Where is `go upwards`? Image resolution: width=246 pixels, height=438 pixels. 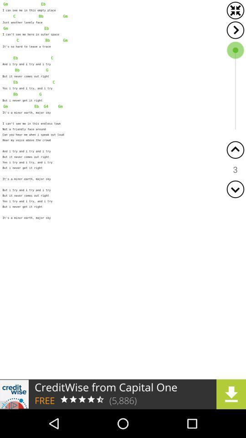
go upwards is located at coordinates (235, 150).